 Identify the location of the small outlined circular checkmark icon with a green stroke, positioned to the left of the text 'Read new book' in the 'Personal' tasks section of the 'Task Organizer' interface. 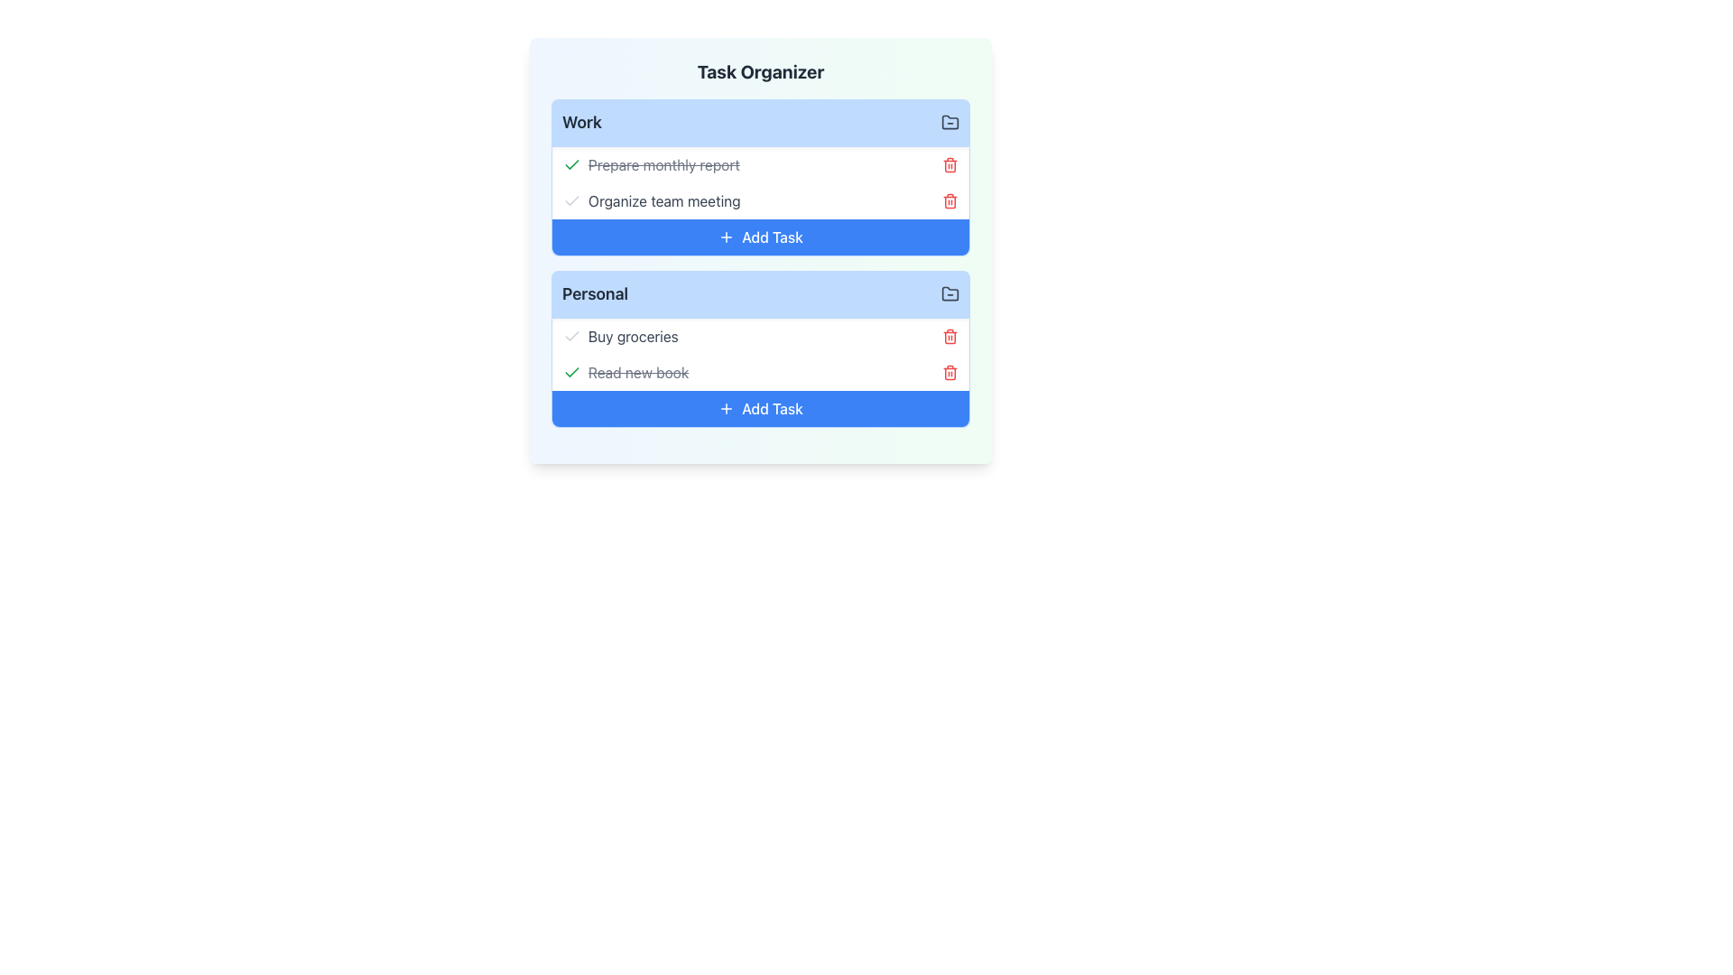
(570, 371).